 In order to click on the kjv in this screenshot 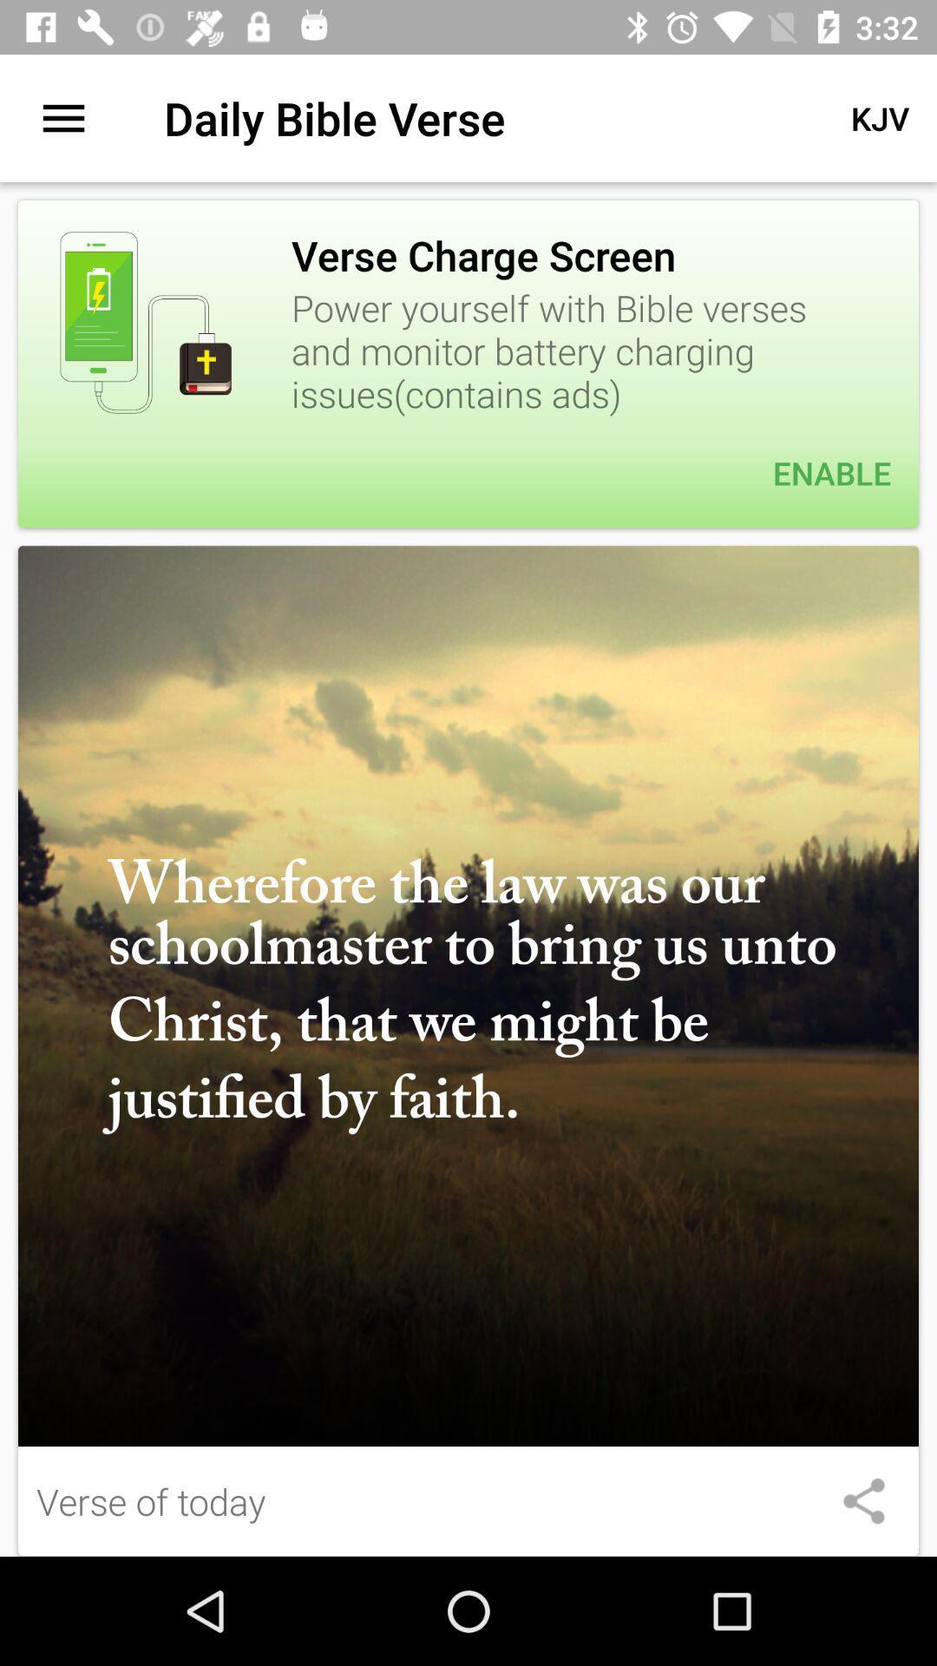, I will do `click(880, 117)`.